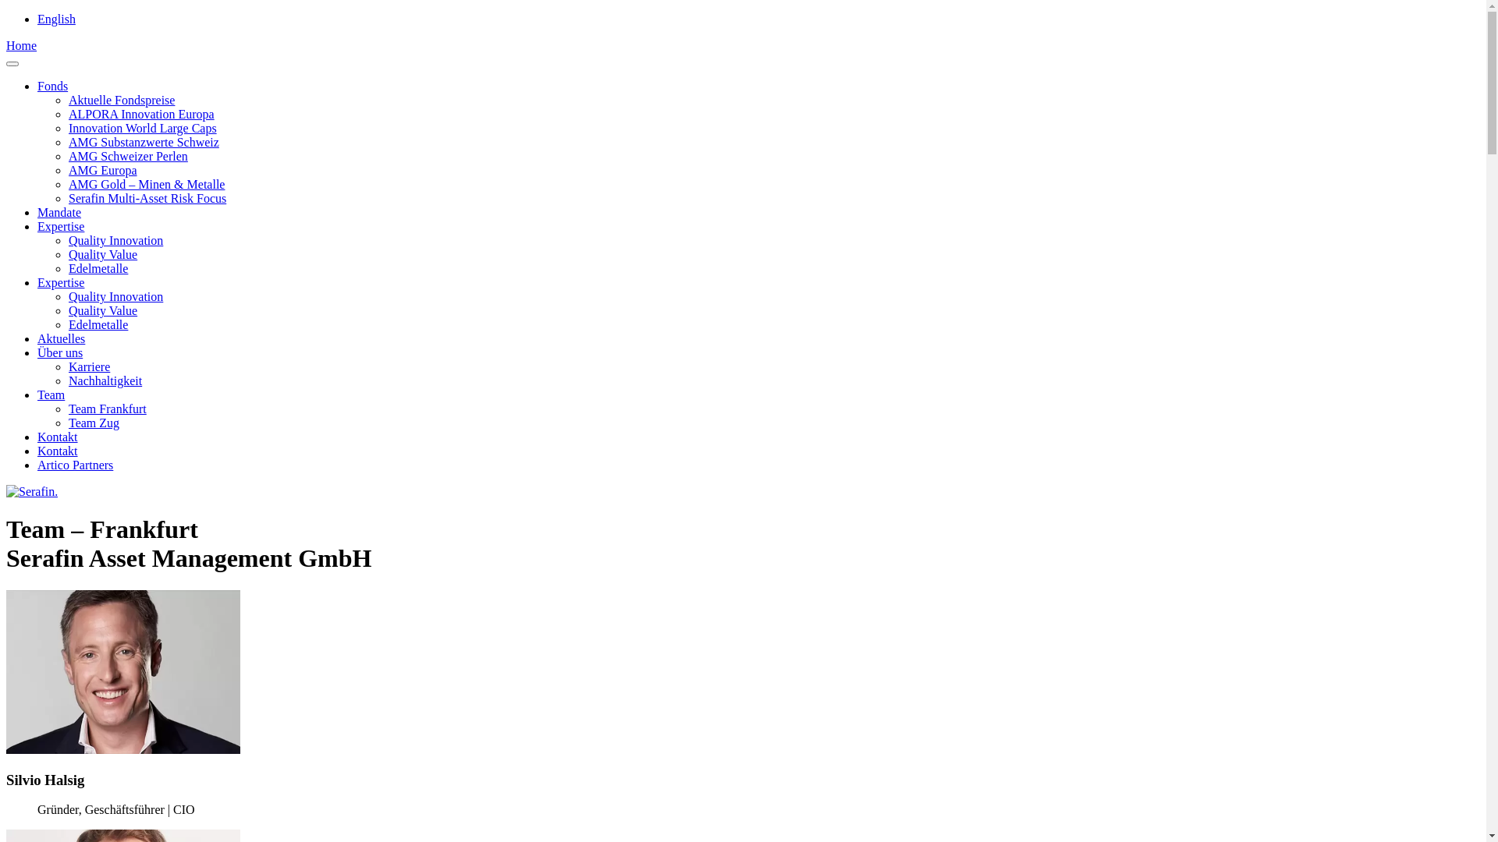 Image resolution: width=1498 pixels, height=842 pixels. Describe the element at coordinates (147, 197) in the screenshot. I see `'Serafin Multi-Asset Risk Focus'` at that location.